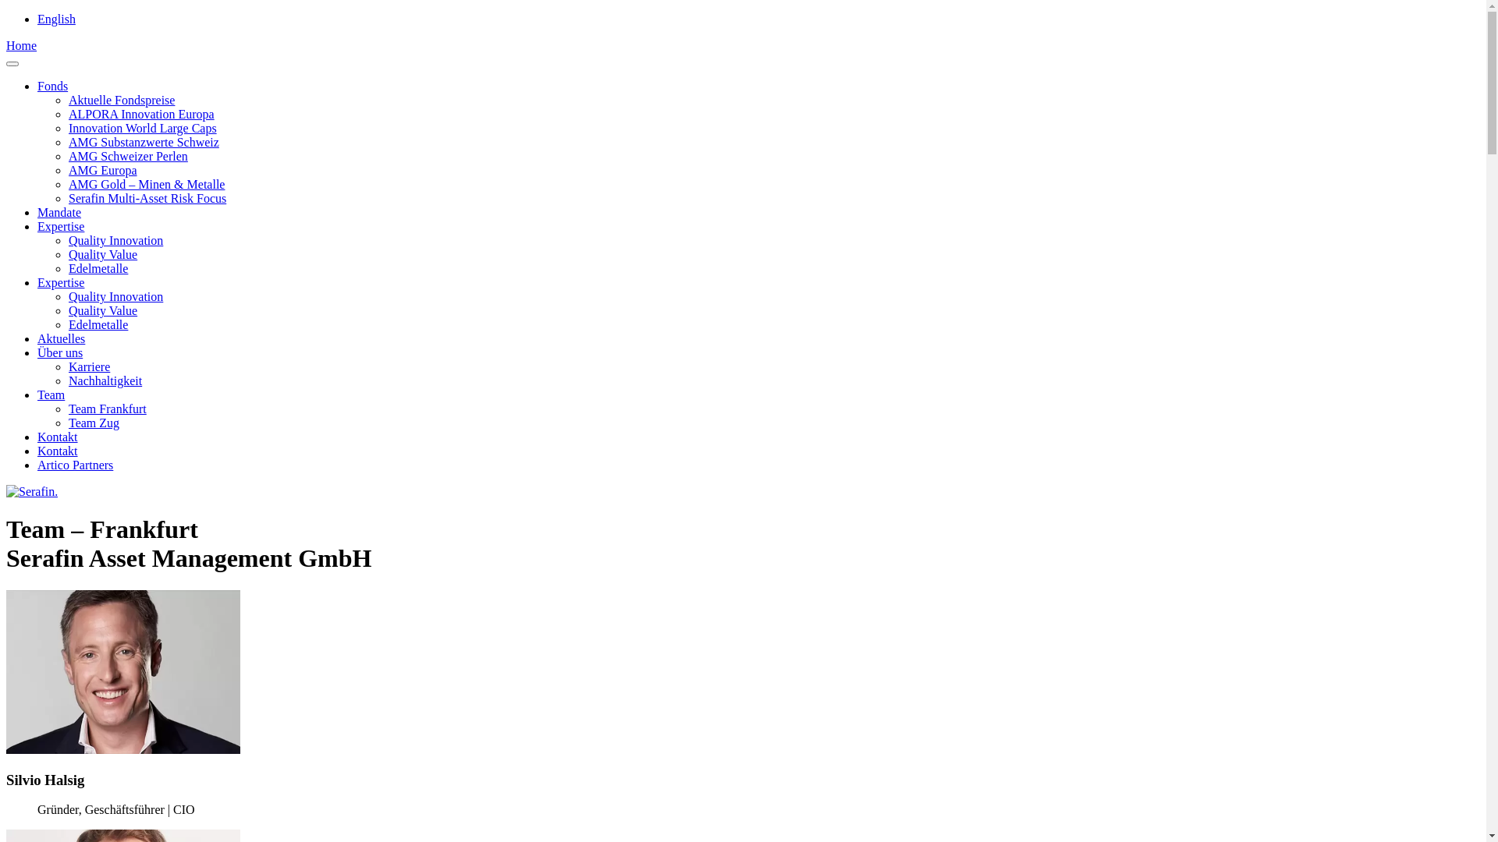 Image resolution: width=1498 pixels, height=842 pixels. Describe the element at coordinates (147, 197) in the screenshot. I see `'Serafin Multi-Asset Risk Focus'` at that location.